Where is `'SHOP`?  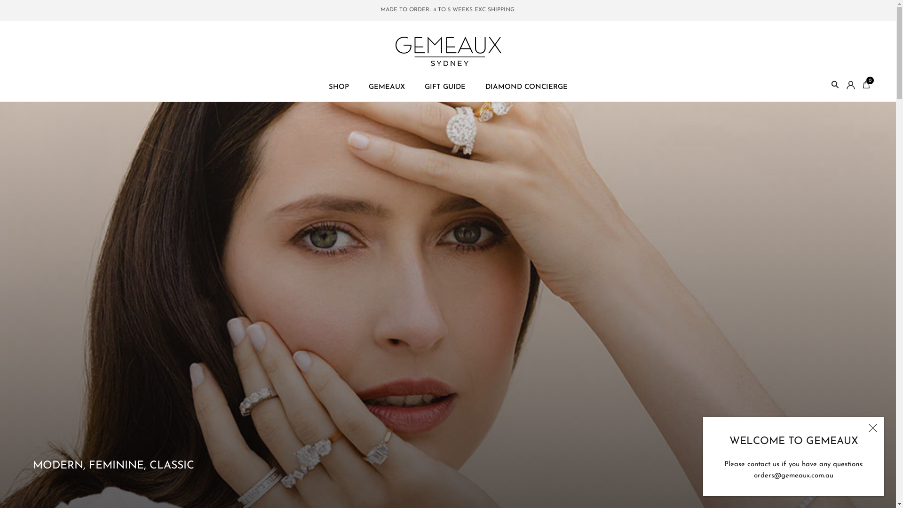
'SHOP is located at coordinates (338, 87).